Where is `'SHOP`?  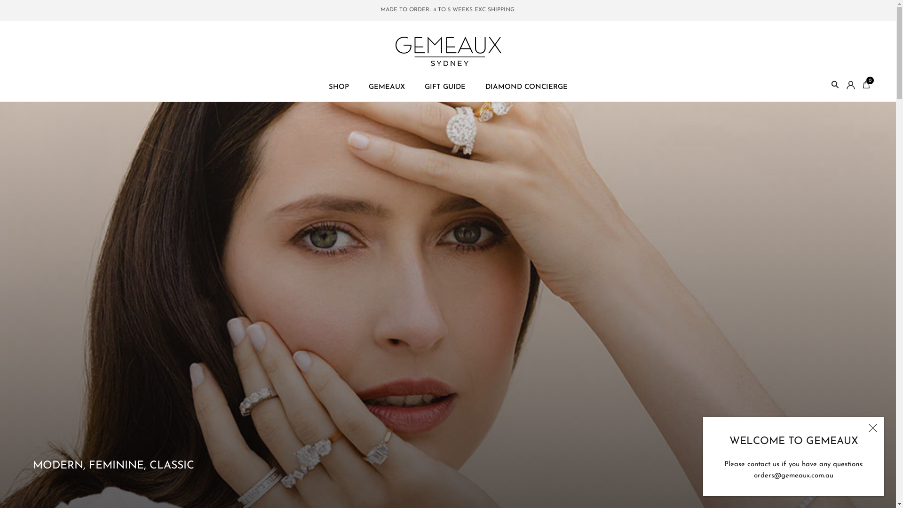
'SHOP is located at coordinates (338, 87).